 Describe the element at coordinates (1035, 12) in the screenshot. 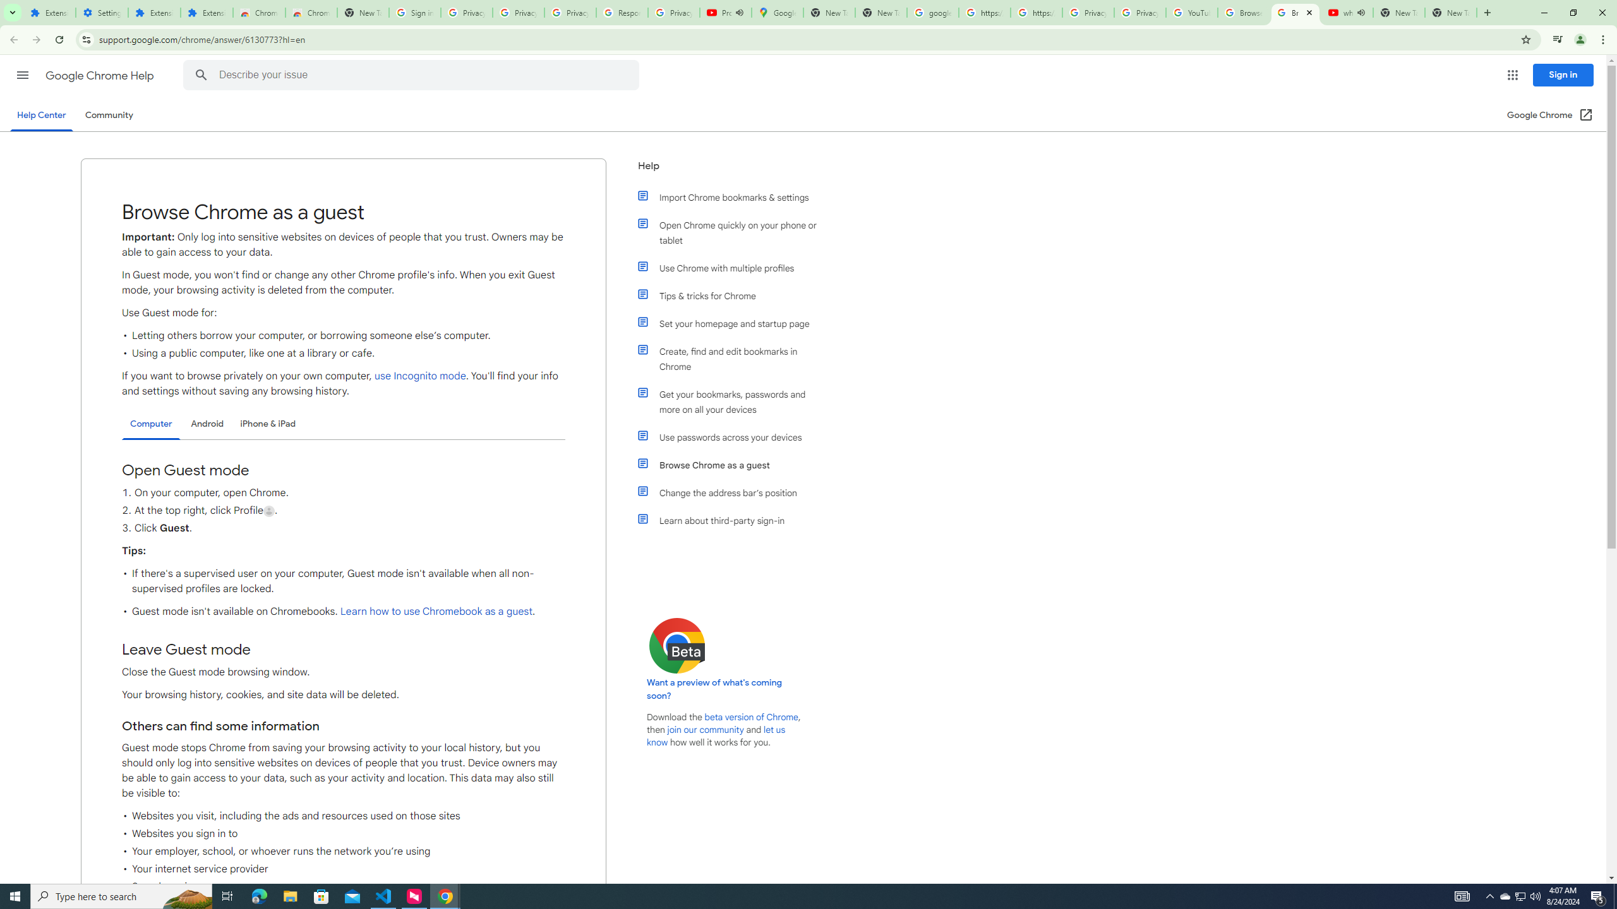

I see `'https://scholar.google.com/'` at that location.